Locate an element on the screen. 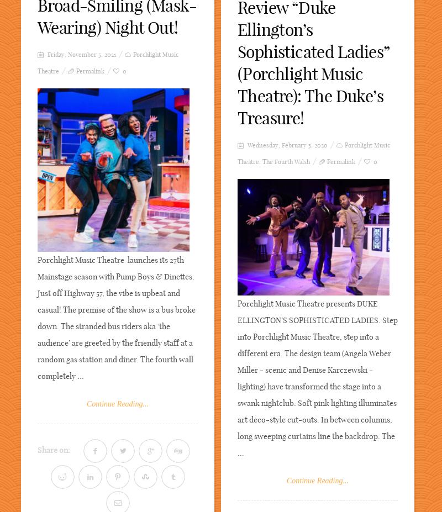 The height and width of the screenshot is (512, 442). 'Porchlight Music Theatre  launches its 27th Mainstage season with Pump Boys & Dinettes.
Just off Highway 57, the vibe is upbeat and casual! The premise of the show is a bus broke down. The stranded bus riders aka ‘the audience’ are greeted by the friendly staff at a random gas station and diner. The fourth wall completely ...' is located at coordinates (38, 318).